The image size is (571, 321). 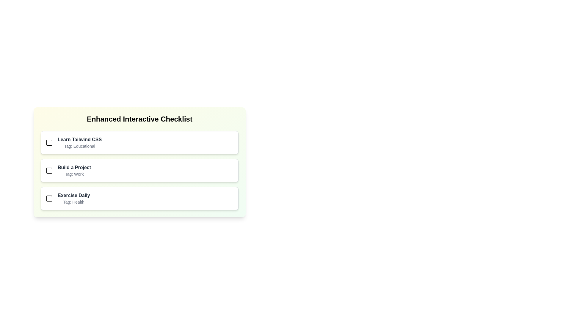 What do you see at coordinates (139, 142) in the screenshot?
I see `the checklist item for 'Learn Tailwind CSS', which includes a checkbox, title, and subtitle` at bounding box center [139, 142].